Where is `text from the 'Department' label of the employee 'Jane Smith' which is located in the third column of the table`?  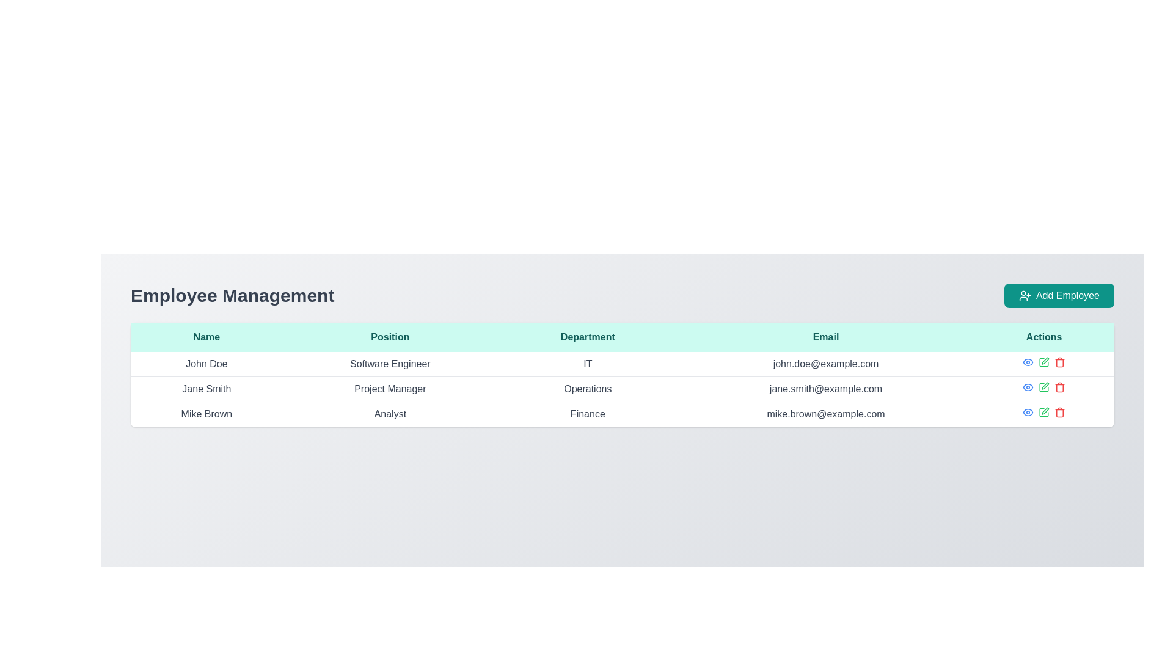
text from the 'Department' label of the employee 'Jane Smith' which is located in the third column of the table is located at coordinates (588, 389).